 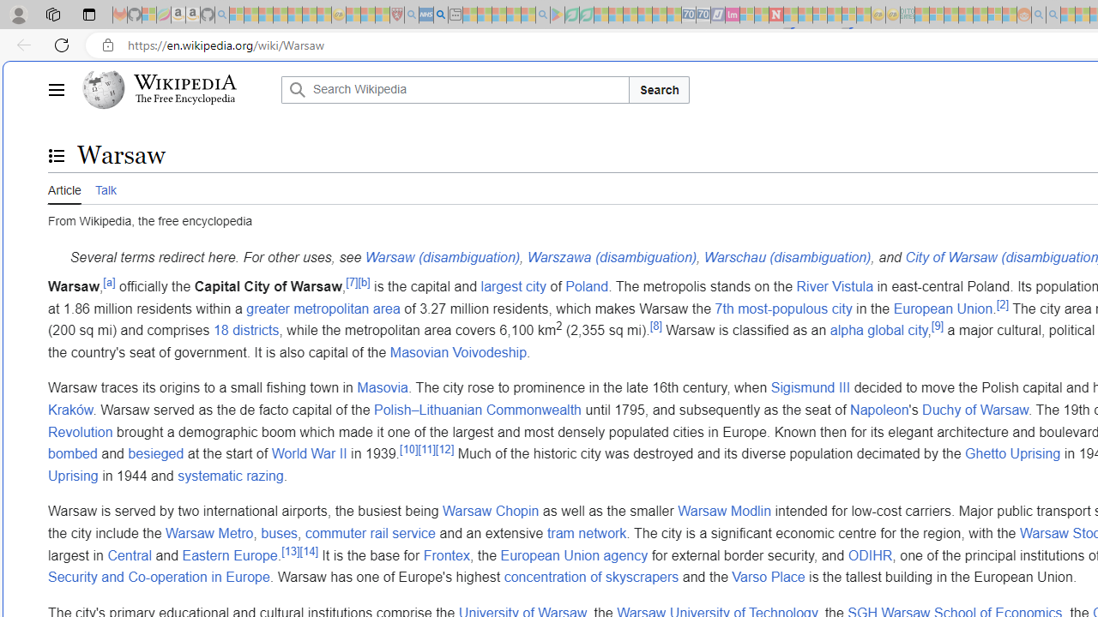 I want to click on 'systematic razing', so click(x=230, y=475).